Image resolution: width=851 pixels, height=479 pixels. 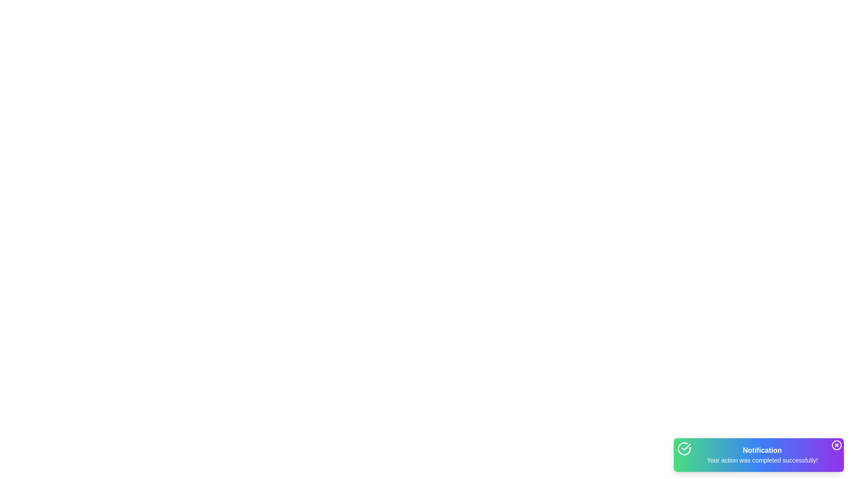 What do you see at coordinates (836, 445) in the screenshot?
I see `the close button to dismiss the notification` at bounding box center [836, 445].